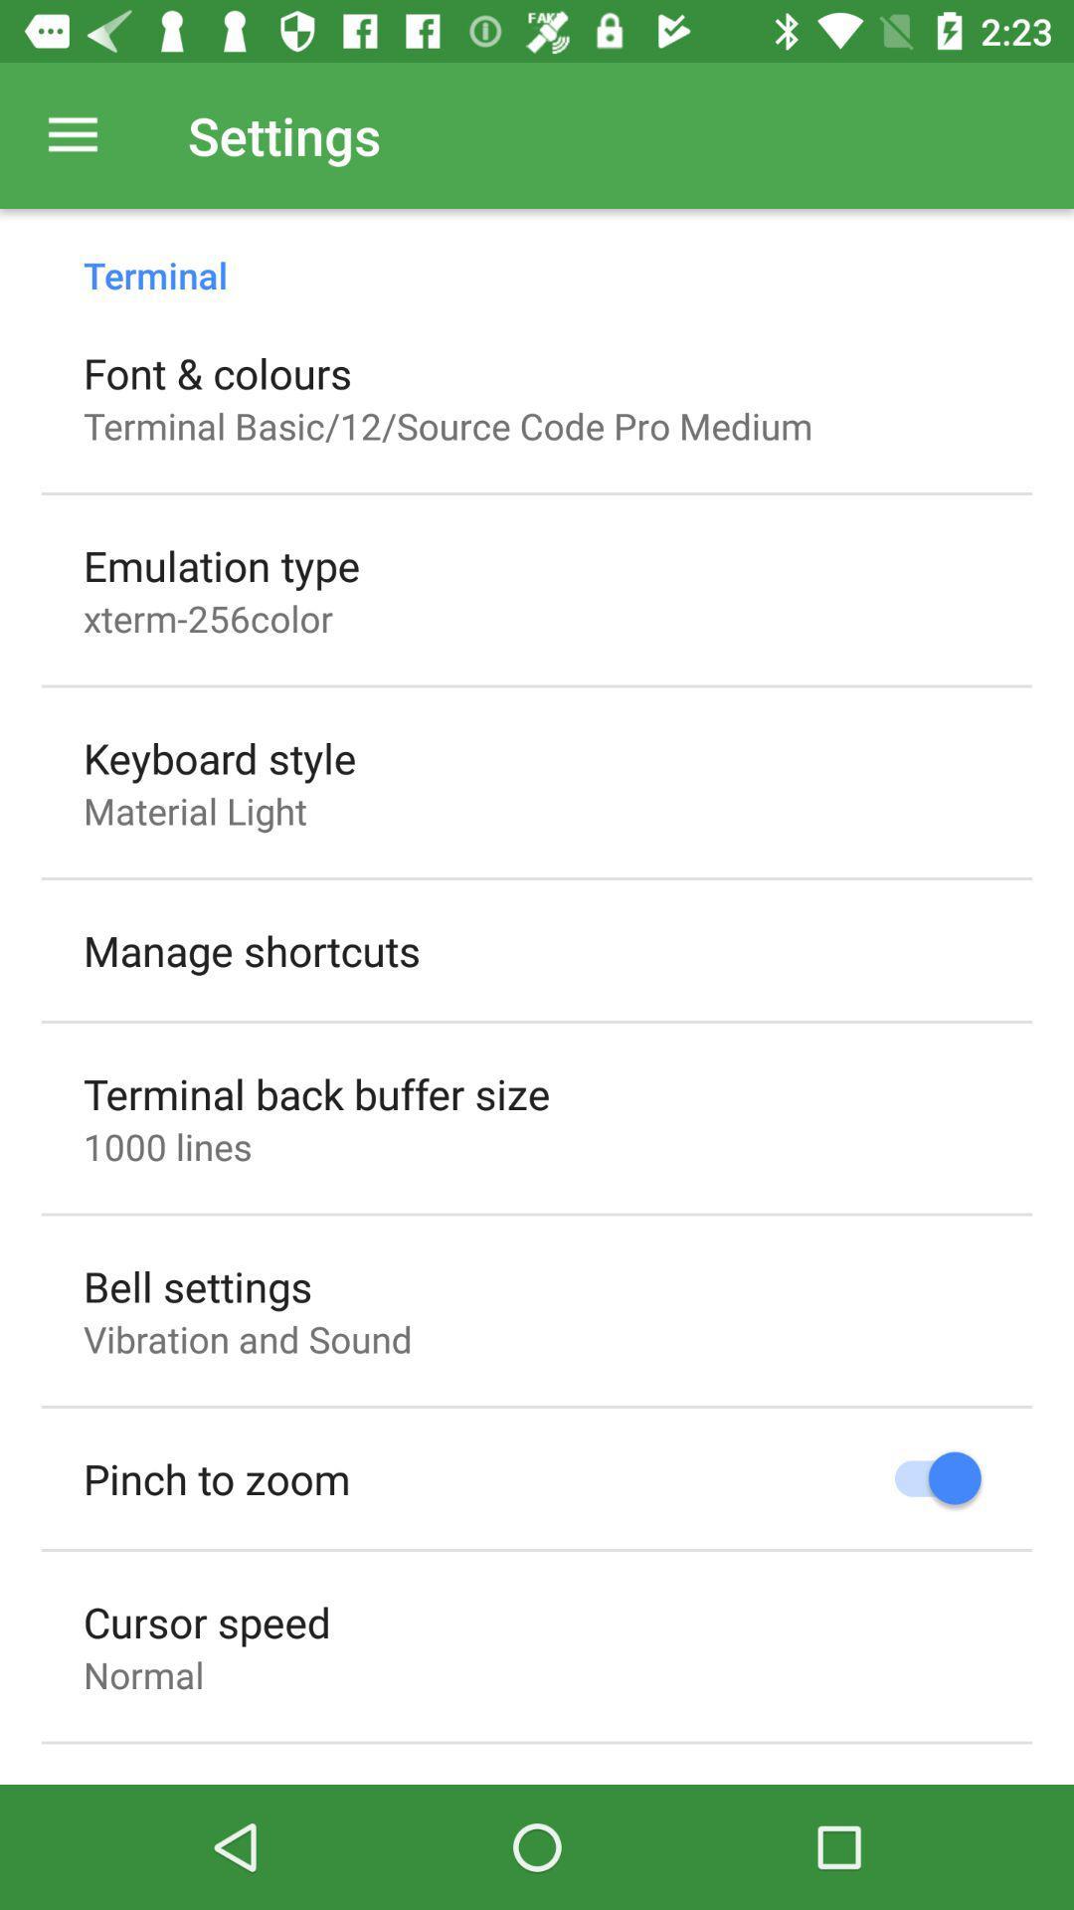 This screenshot has width=1074, height=1910. What do you see at coordinates (217, 1478) in the screenshot?
I see `icon above the cursor speed icon` at bounding box center [217, 1478].